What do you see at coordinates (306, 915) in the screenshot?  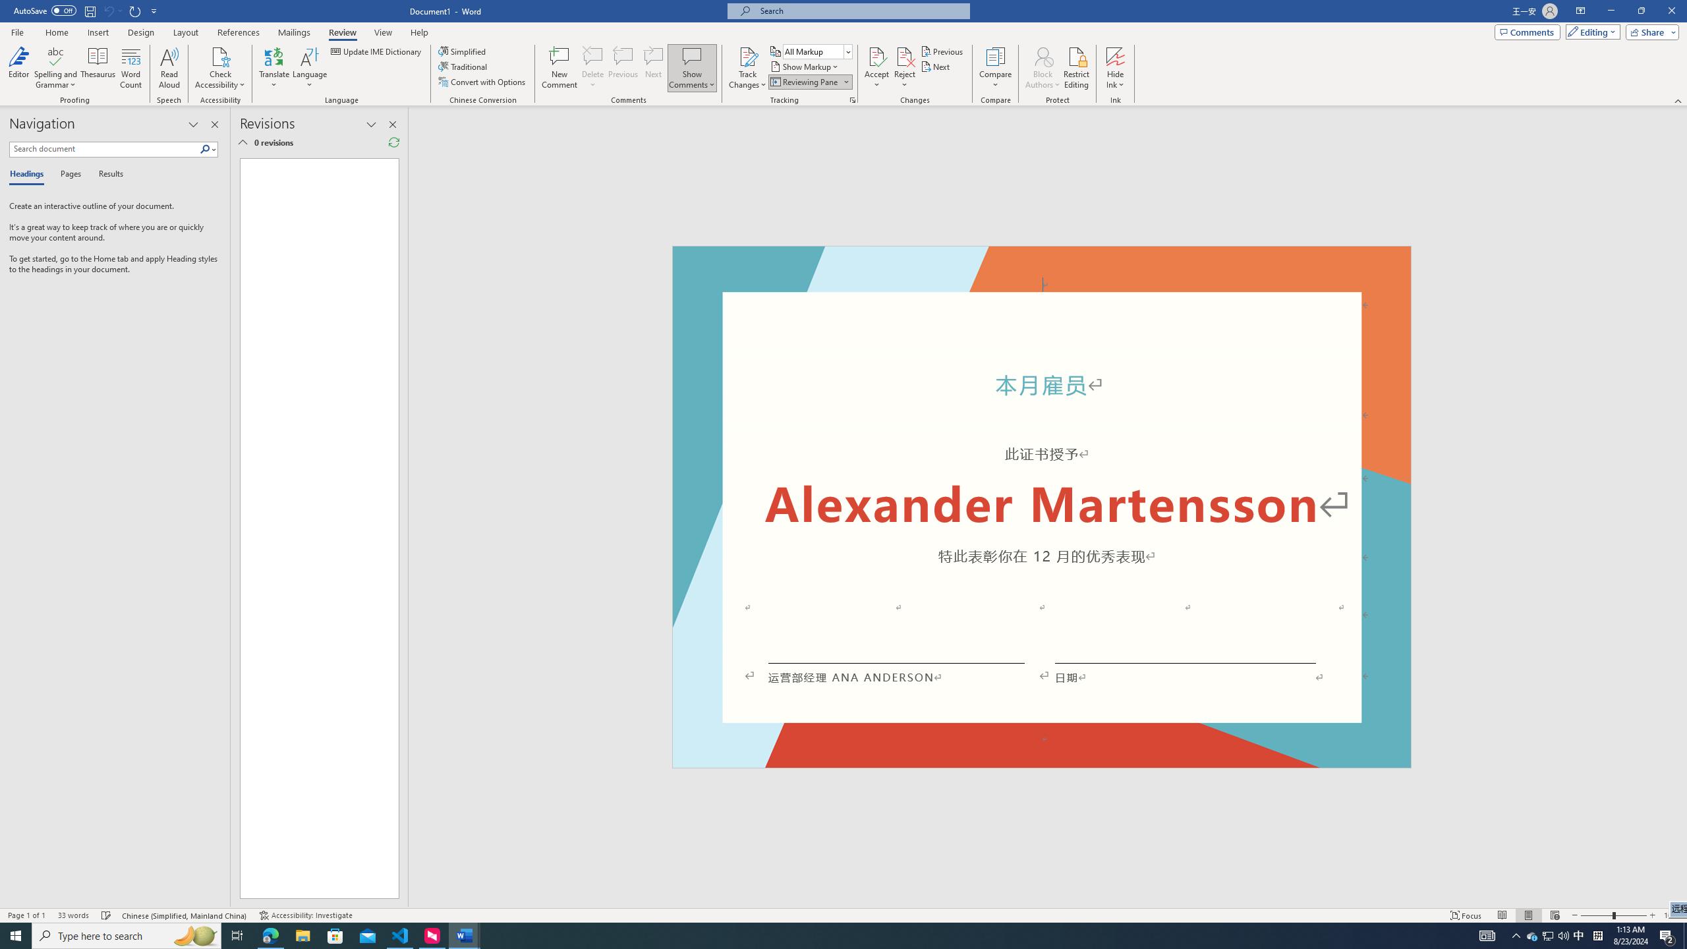 I see `'Accessibility Checker Accessibility: Investigate'` at bounding box center [306, 915].